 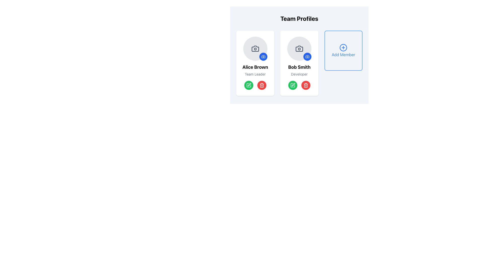 I want to click on the edit button on Bob Smith's Profile Card, which is the second card in the Team Profiles section, to modify profile details, so click(x=299, y=63).